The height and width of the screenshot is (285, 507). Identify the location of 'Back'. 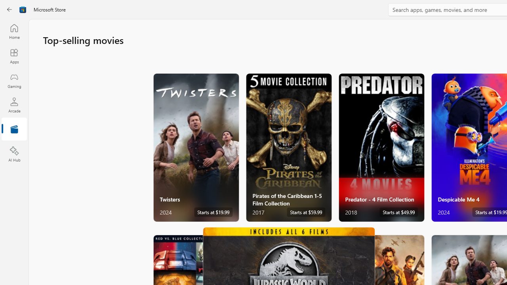
(10, 9).